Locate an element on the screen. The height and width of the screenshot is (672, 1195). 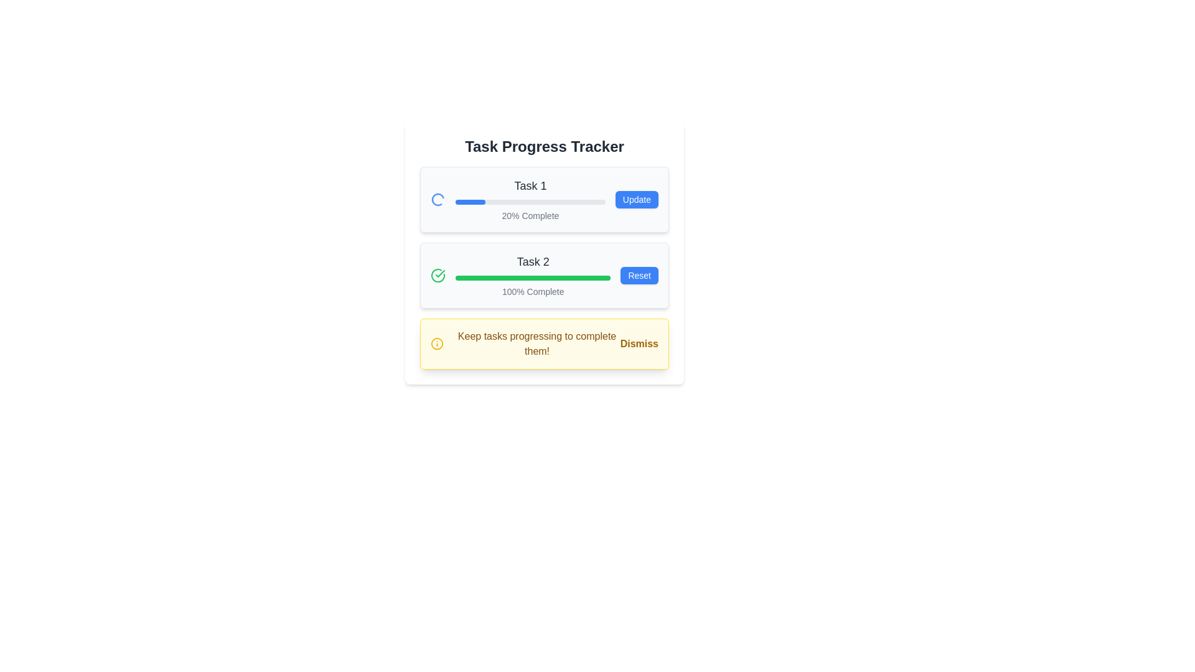
the central informational text within the notification banner, which is situated between an icon and a 'Dismiss' button is located at coordinates (537, 343).